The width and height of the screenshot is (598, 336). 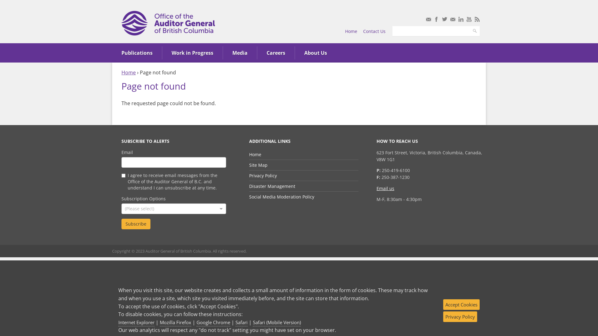 I want to click on 'Publications', so click(x=137, y=52).